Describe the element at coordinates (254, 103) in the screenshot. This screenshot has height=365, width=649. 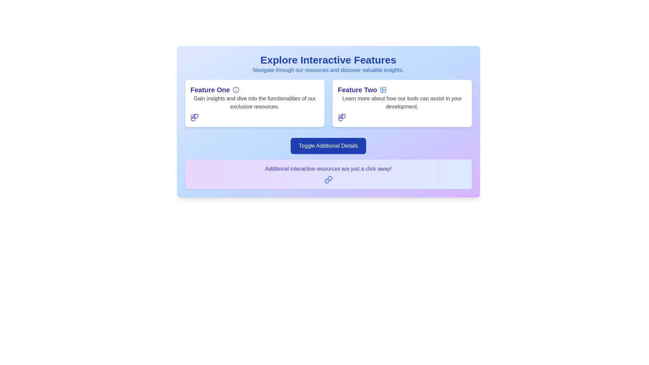
I see `the explanatory text located in the first card under the title 'Feature One', which describes the features or benefits associated with this section` at that location.